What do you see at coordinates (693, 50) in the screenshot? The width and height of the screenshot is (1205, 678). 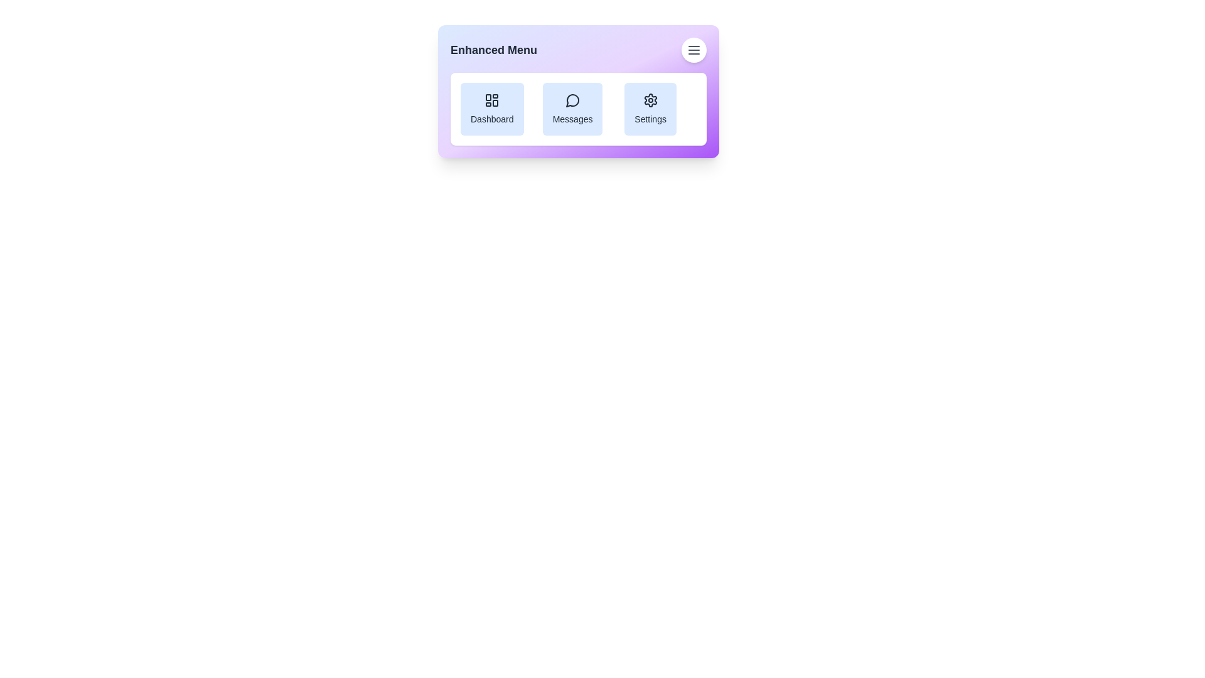 I see `the menu button to toggle the menu visibility` at bounding box center [693, 50].